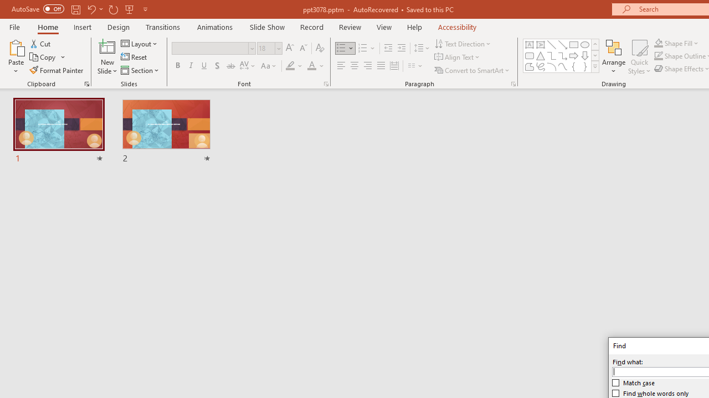 The width and height of the screenshot is (709, 398). Describe the element at coordinates (634, 383) in the screenshot. I see `'Match case'` at that location.